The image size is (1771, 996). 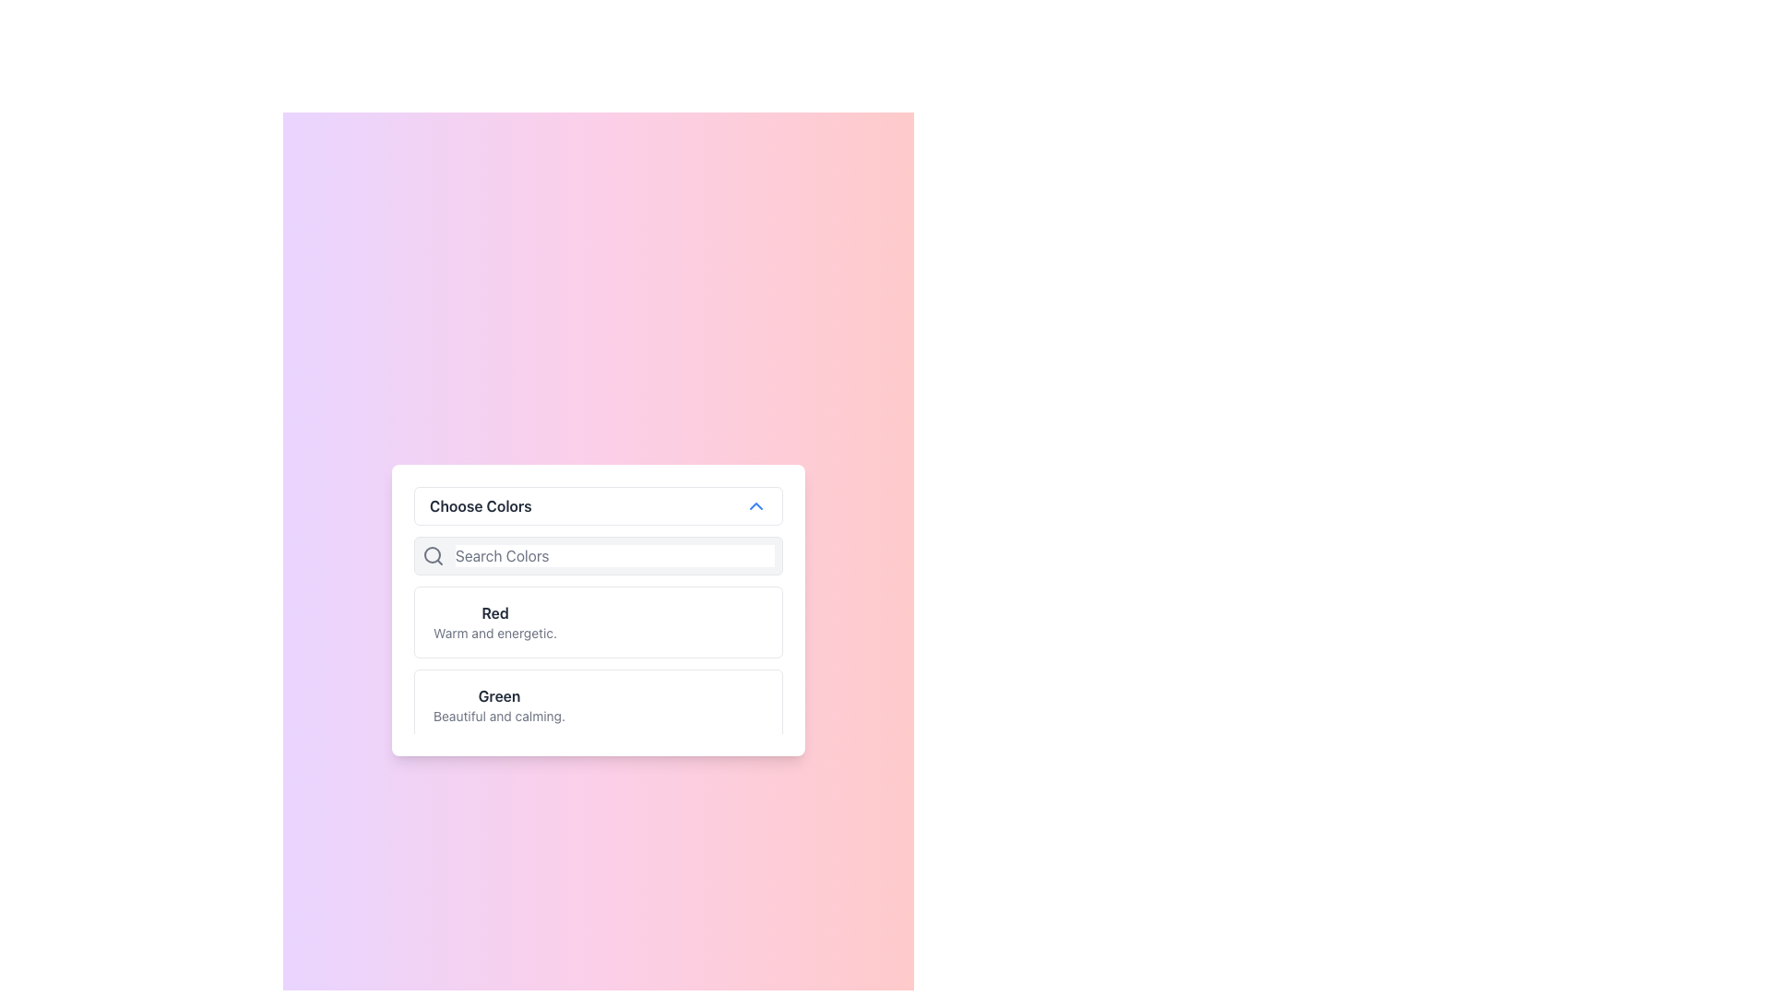 I want to click on the placeholder text 'Search Colors' in the search bar, which is a light gray rounded rectangle input field located directly beneath the 'Choose Colors' header, so click(x=598, y=554).